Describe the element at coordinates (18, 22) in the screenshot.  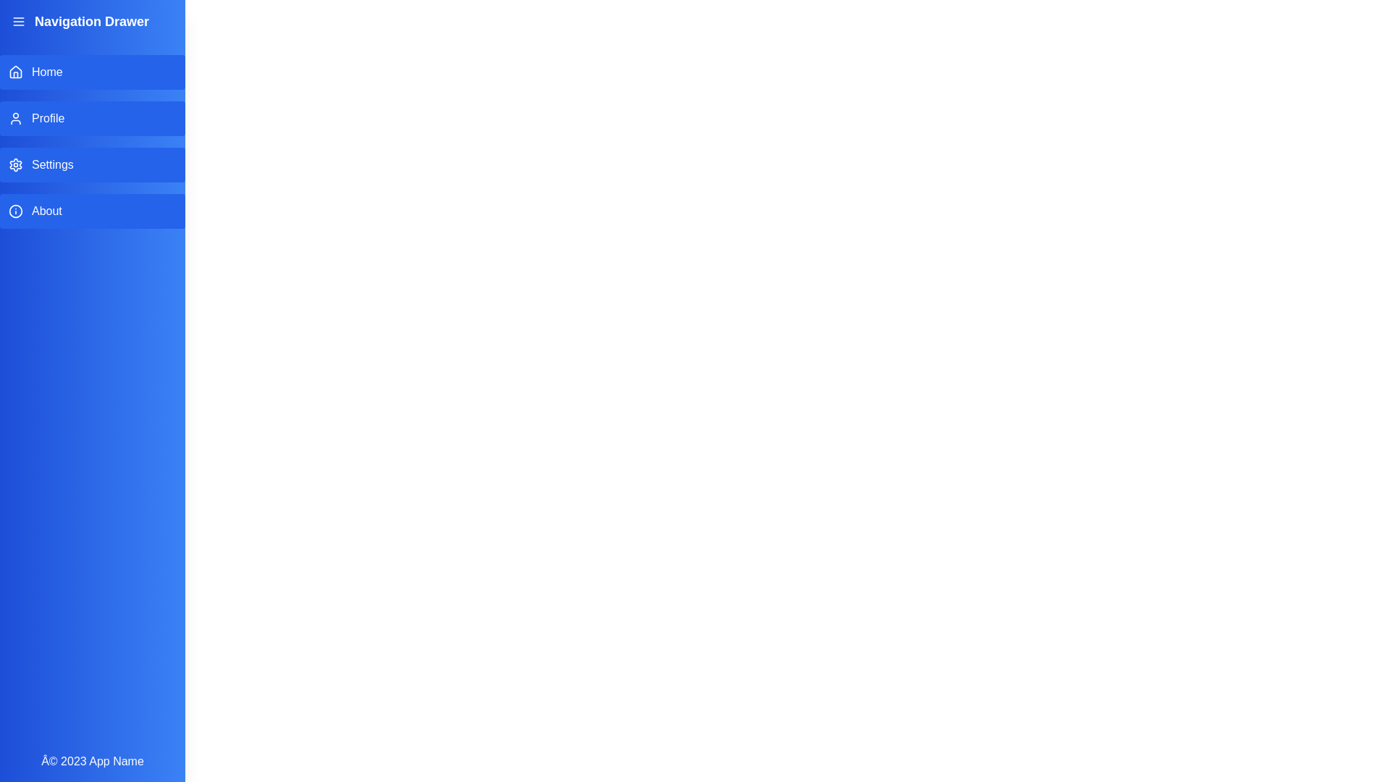
I see `the hamburger menu icon located in the top-left corner of the blue navigation sidebar` at that location.